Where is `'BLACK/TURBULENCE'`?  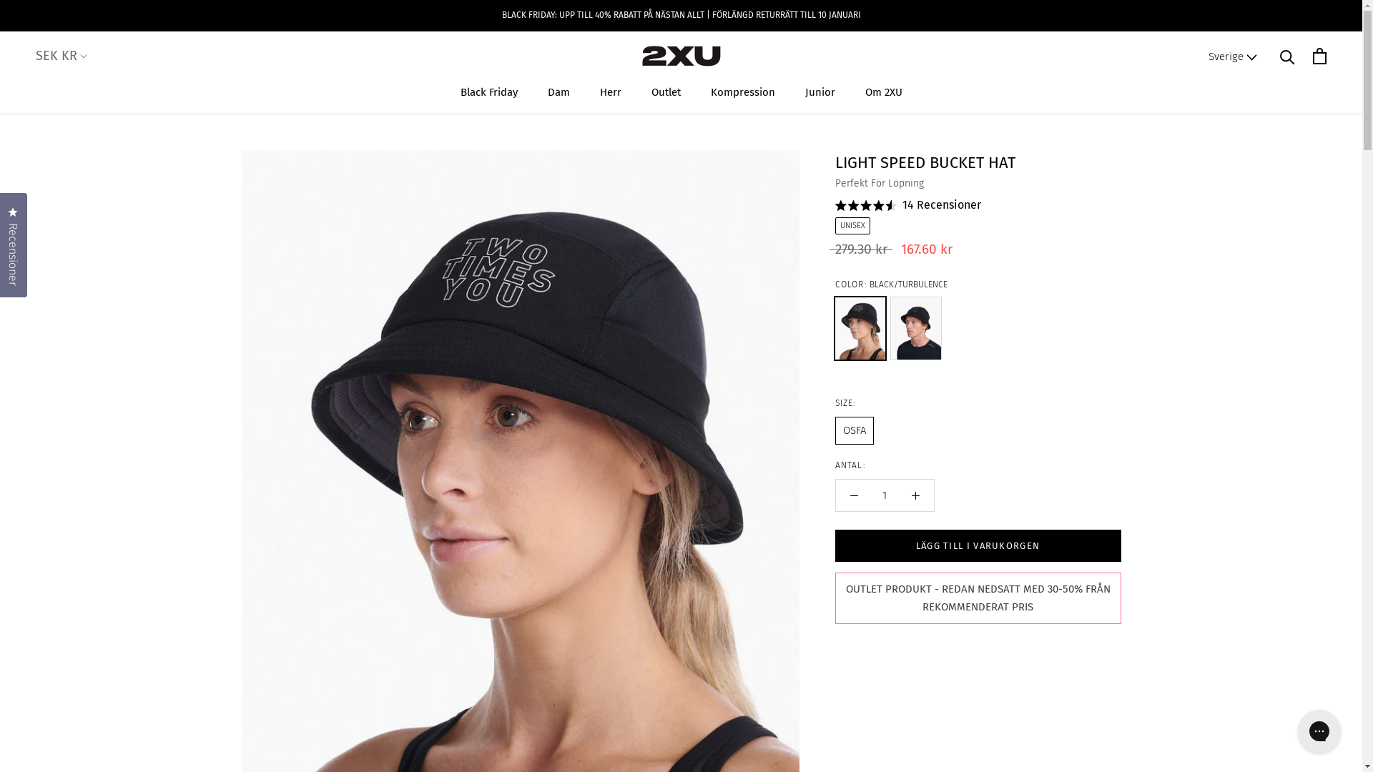
'BLACK/TURBULENCE' is located at coordinates (835, 328).